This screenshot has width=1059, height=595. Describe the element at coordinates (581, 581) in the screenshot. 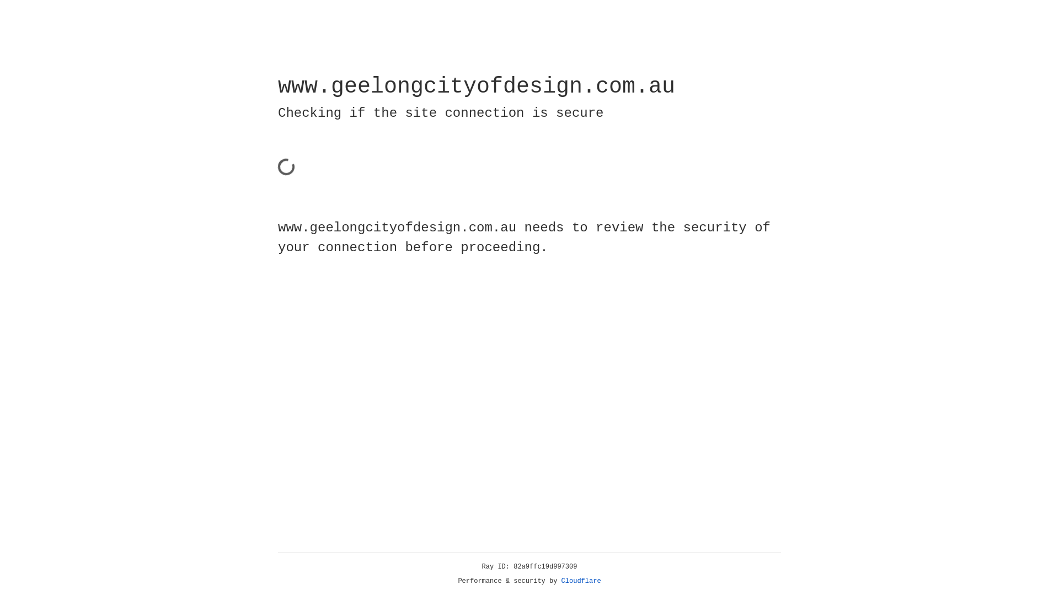

I see `'Cloudflare'` at that location.